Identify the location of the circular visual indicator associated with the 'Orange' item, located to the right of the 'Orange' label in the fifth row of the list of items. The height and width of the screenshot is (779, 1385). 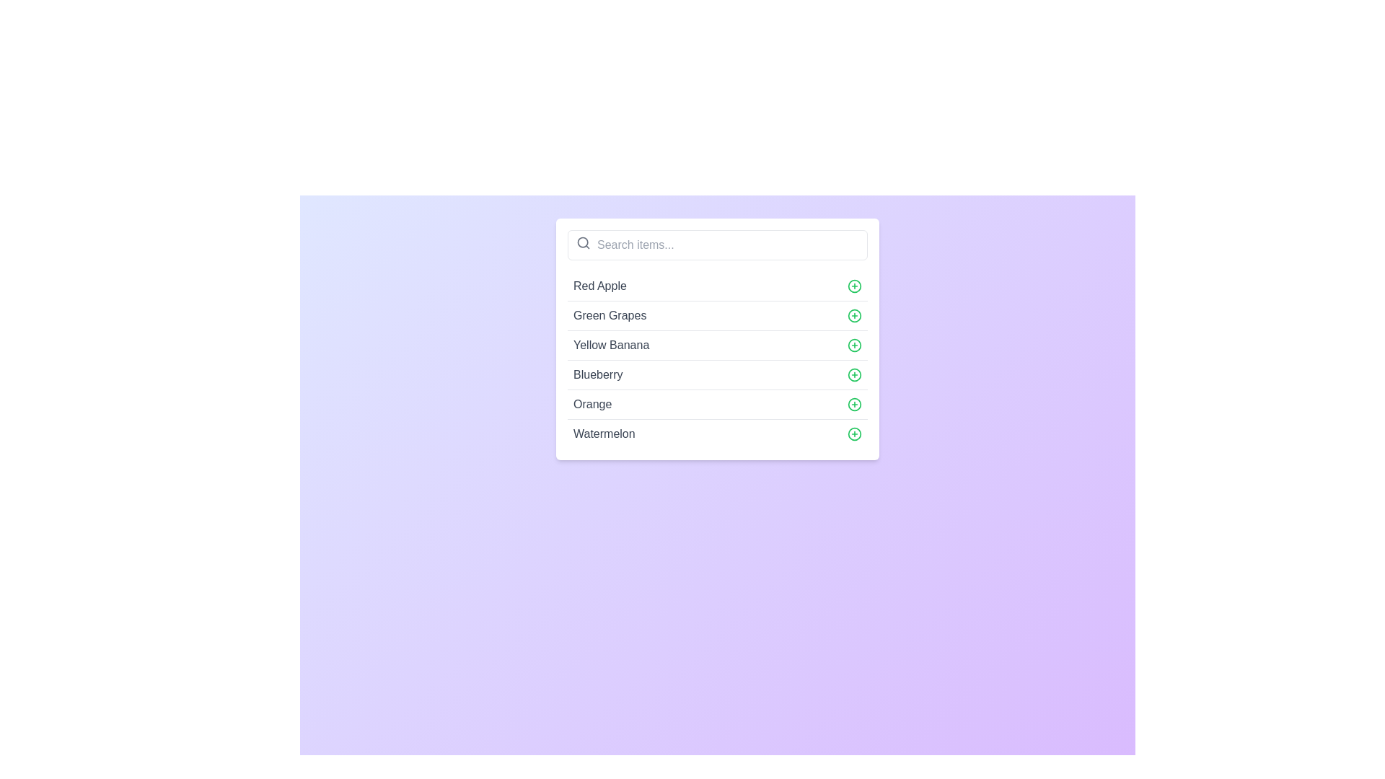
(855, 404).